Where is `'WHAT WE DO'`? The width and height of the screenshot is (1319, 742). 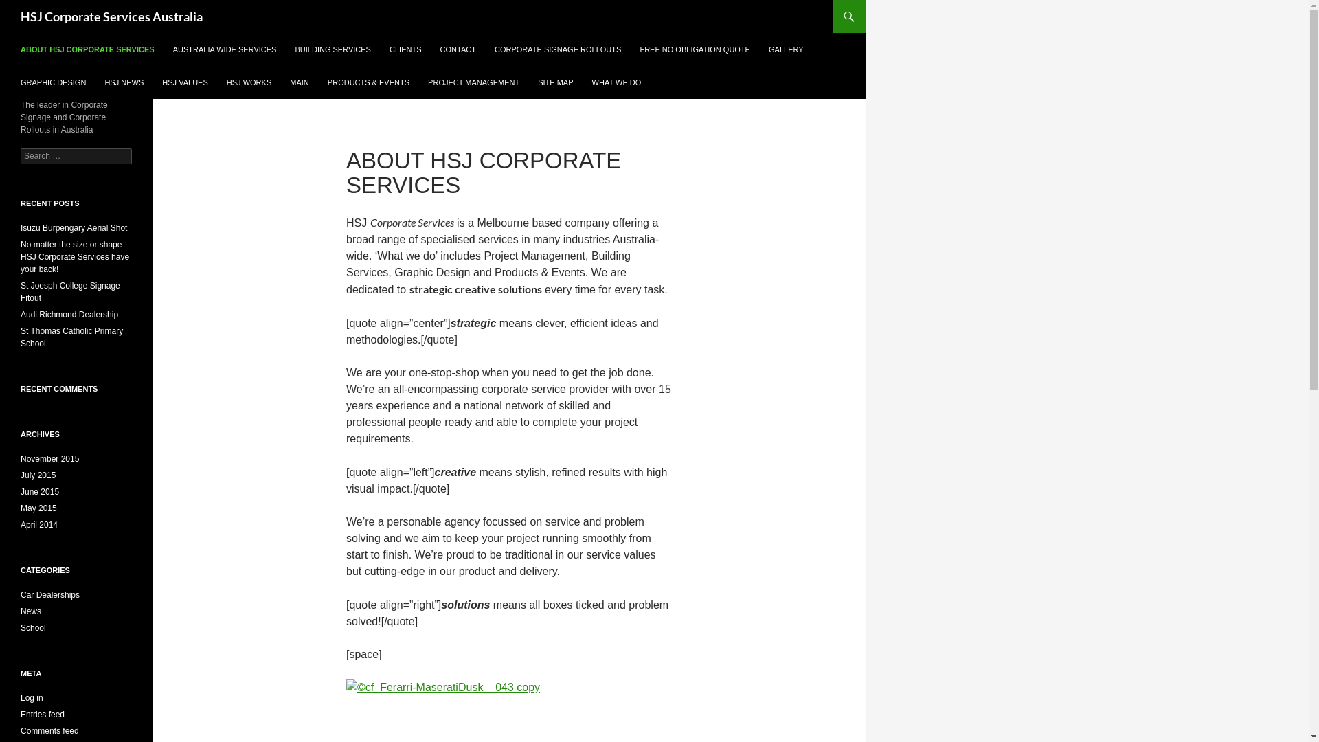
'WHAT WE DO' is located at coordinates (616, 82).